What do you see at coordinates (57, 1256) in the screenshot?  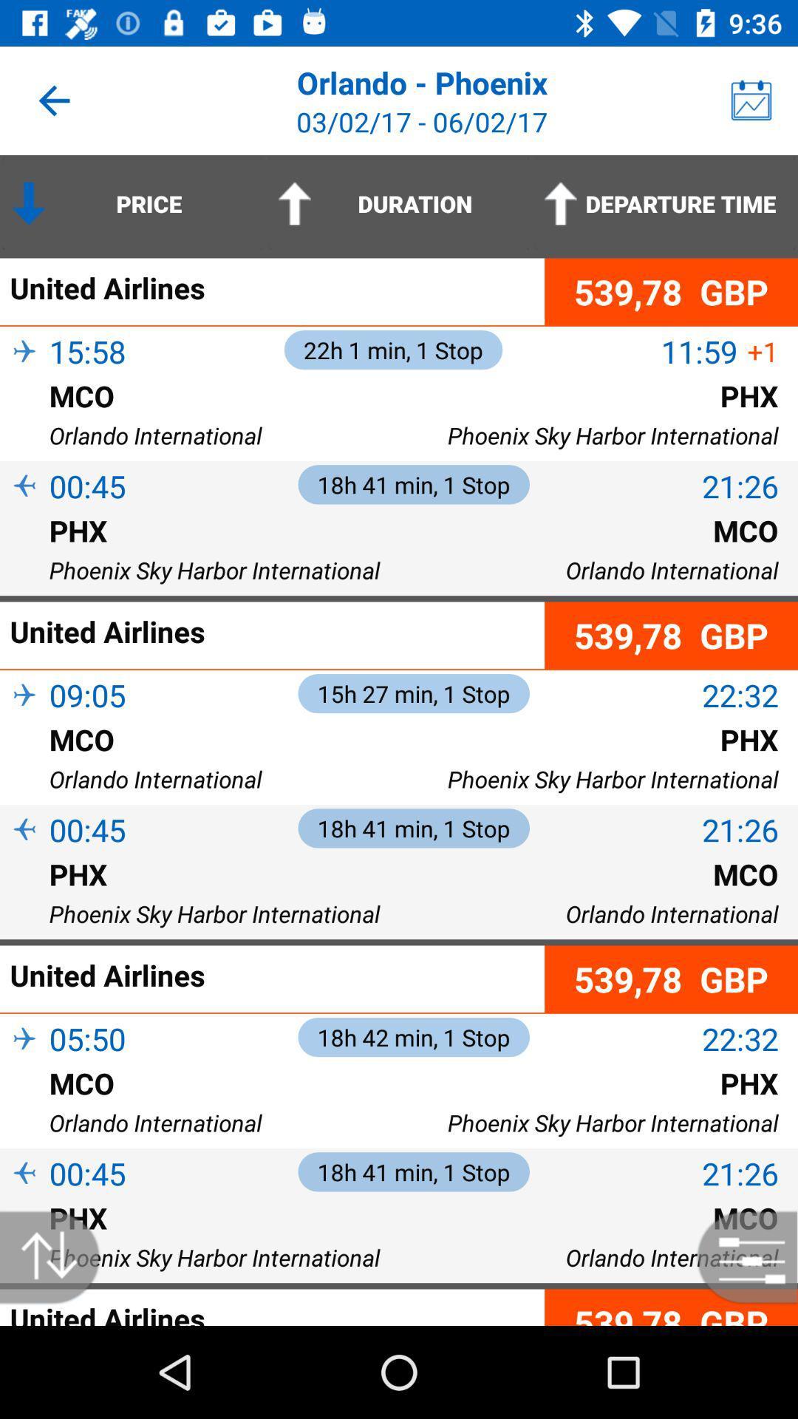 I see `change order of flights` at bounding box center [57, 1256].